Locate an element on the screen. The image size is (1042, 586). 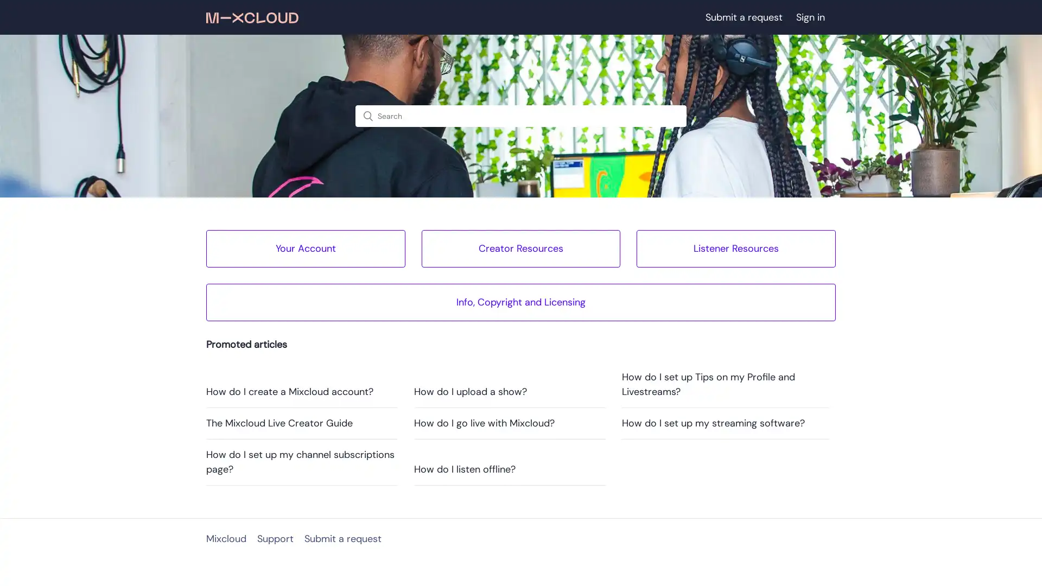
Sign in is located at coordinates (816, 17).